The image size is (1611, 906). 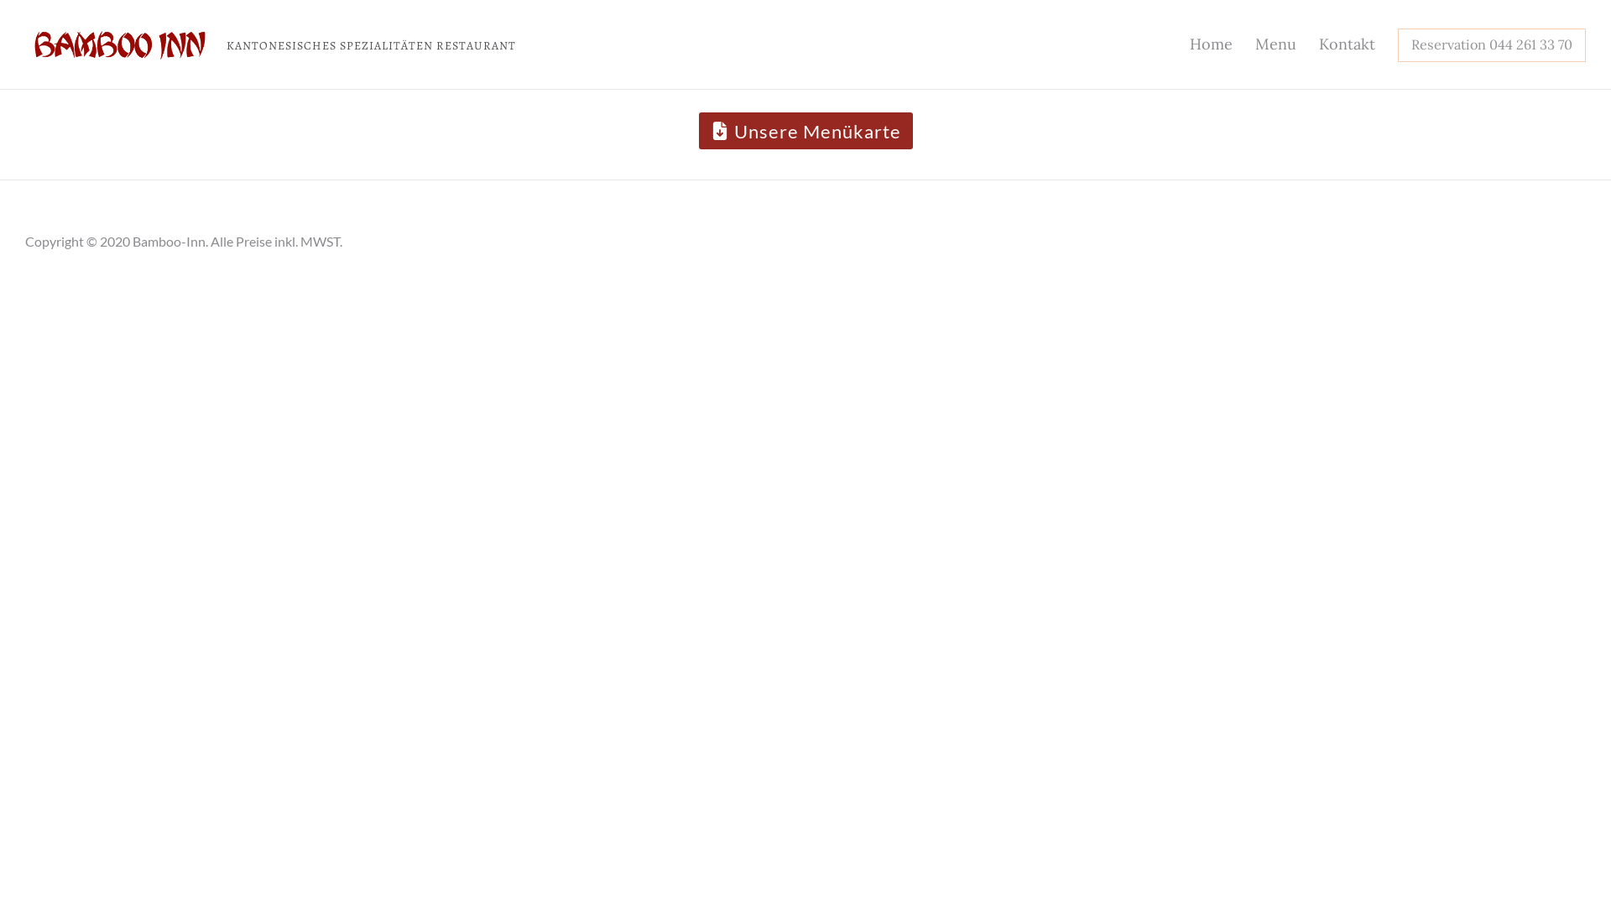 What do you see at coordinates (1179, 44) in the screenshot?
I see `'Home'` at bounding box center [1179, 44].